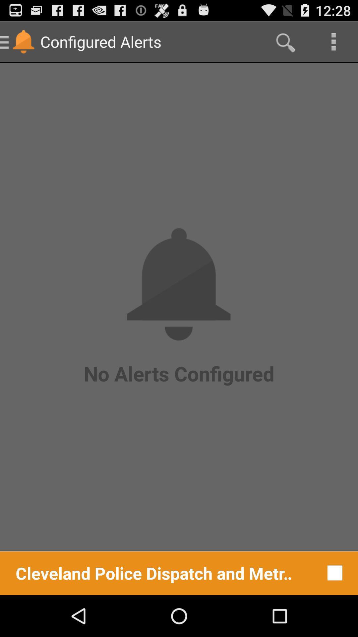 This screenshot has width=358, height=637. Describe the element at coordinates (333, 572) in the screenshot. I see `icon at the bottom right corner` at that location.